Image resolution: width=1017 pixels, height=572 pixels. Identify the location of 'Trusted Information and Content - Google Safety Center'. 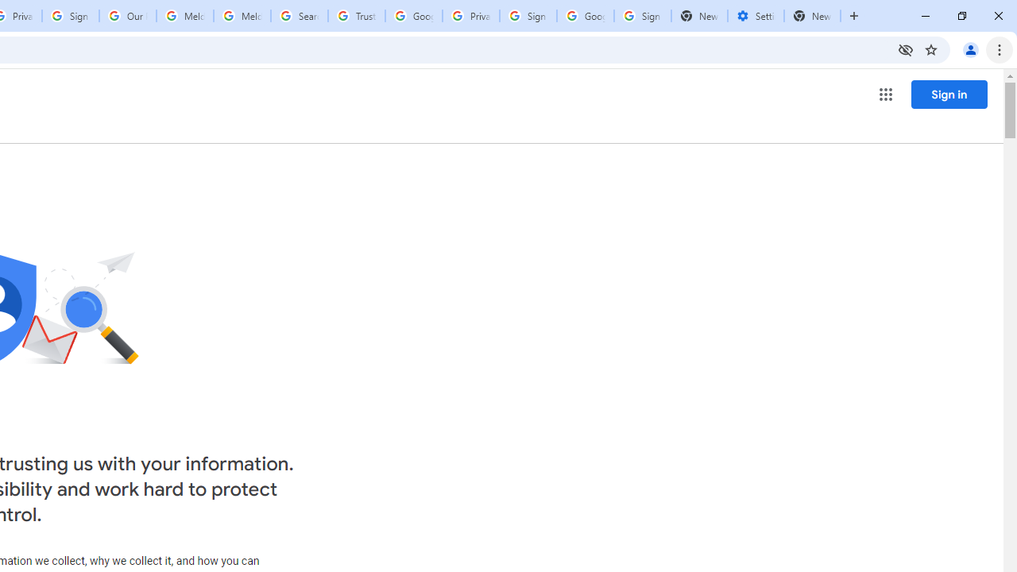
(356, 16).